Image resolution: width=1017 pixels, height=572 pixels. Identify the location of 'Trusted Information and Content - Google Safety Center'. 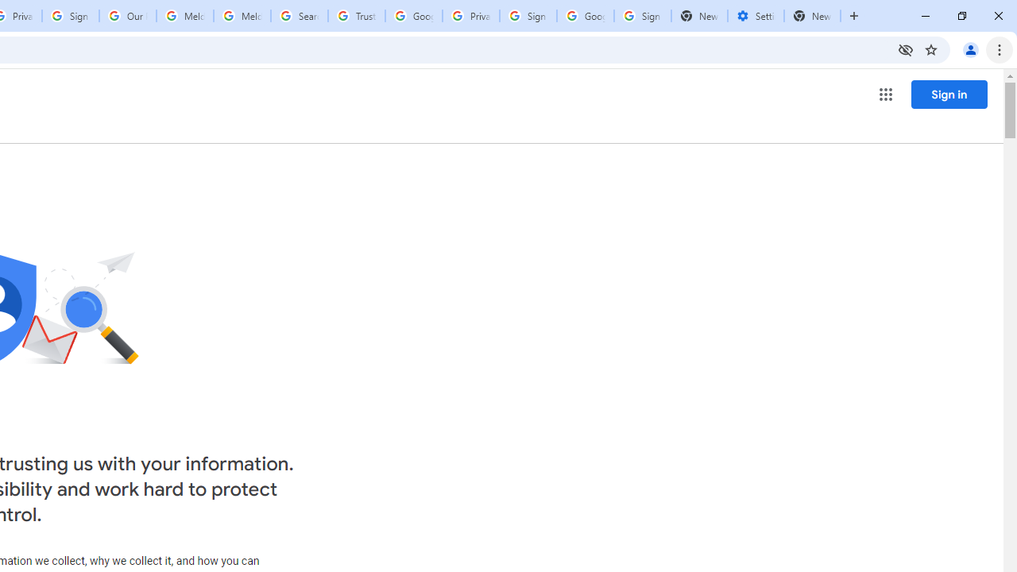
(356, 16).